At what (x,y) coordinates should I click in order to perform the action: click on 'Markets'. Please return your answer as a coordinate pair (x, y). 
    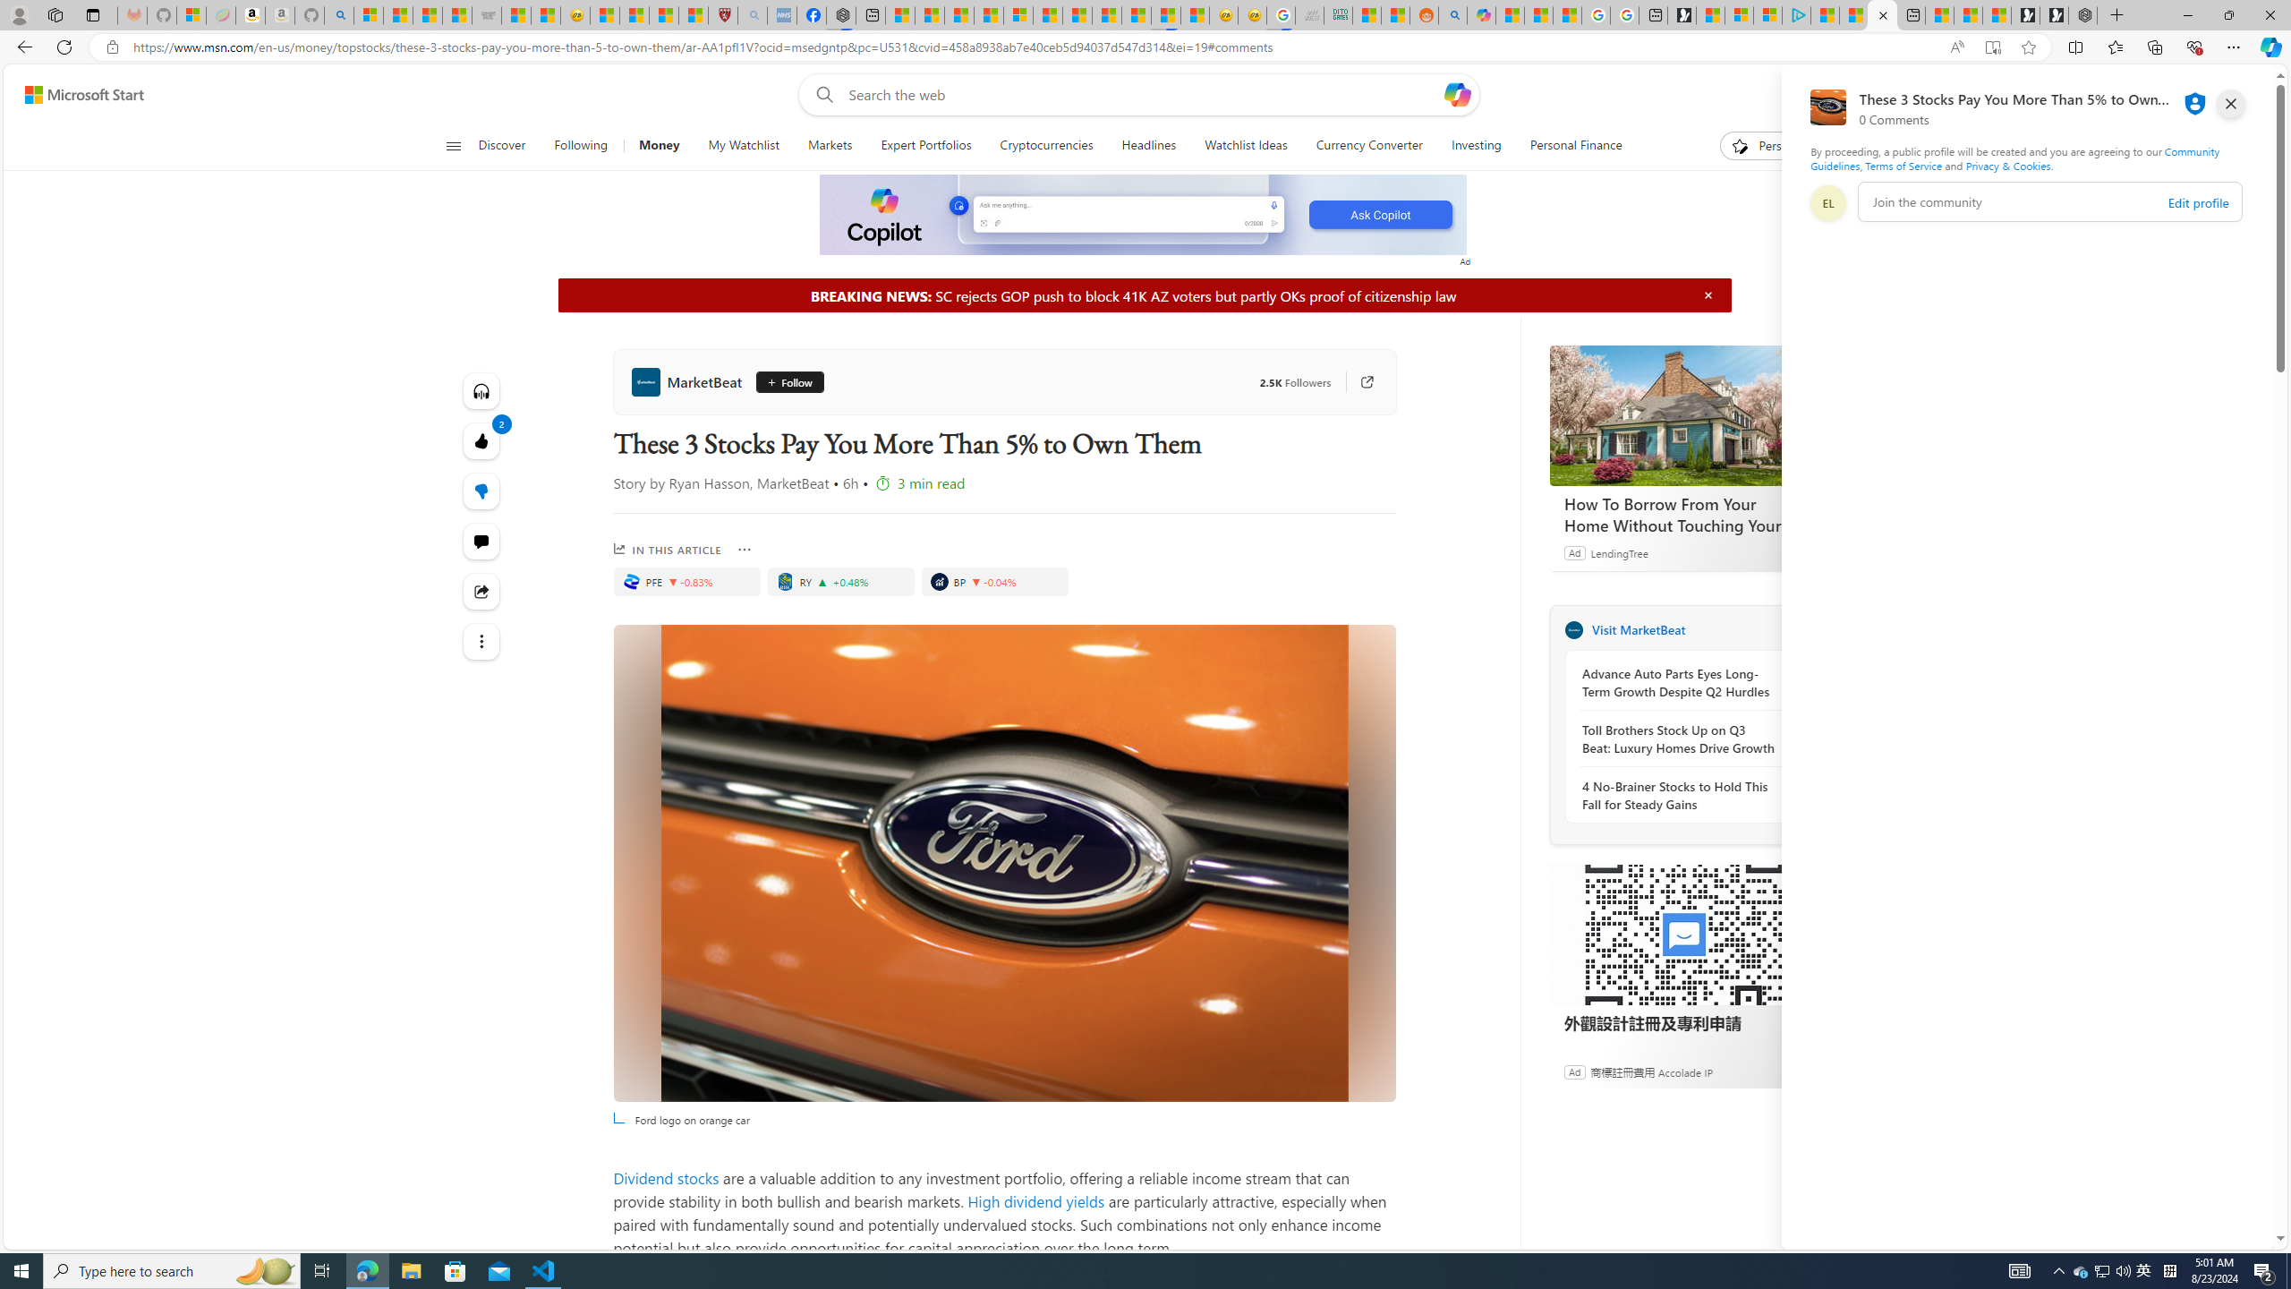
    Looking at the image, I should click on (830, 145).